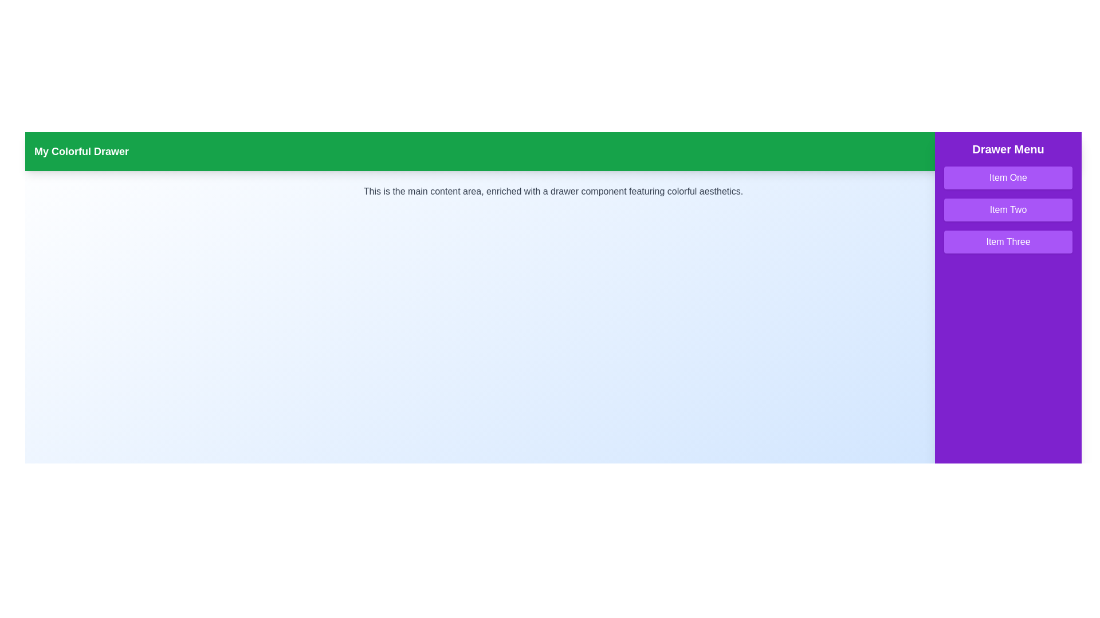  I want to click on the navigation button located in the sidebar, which redirects users to the 'Item Two' section, so click(1008, 209).